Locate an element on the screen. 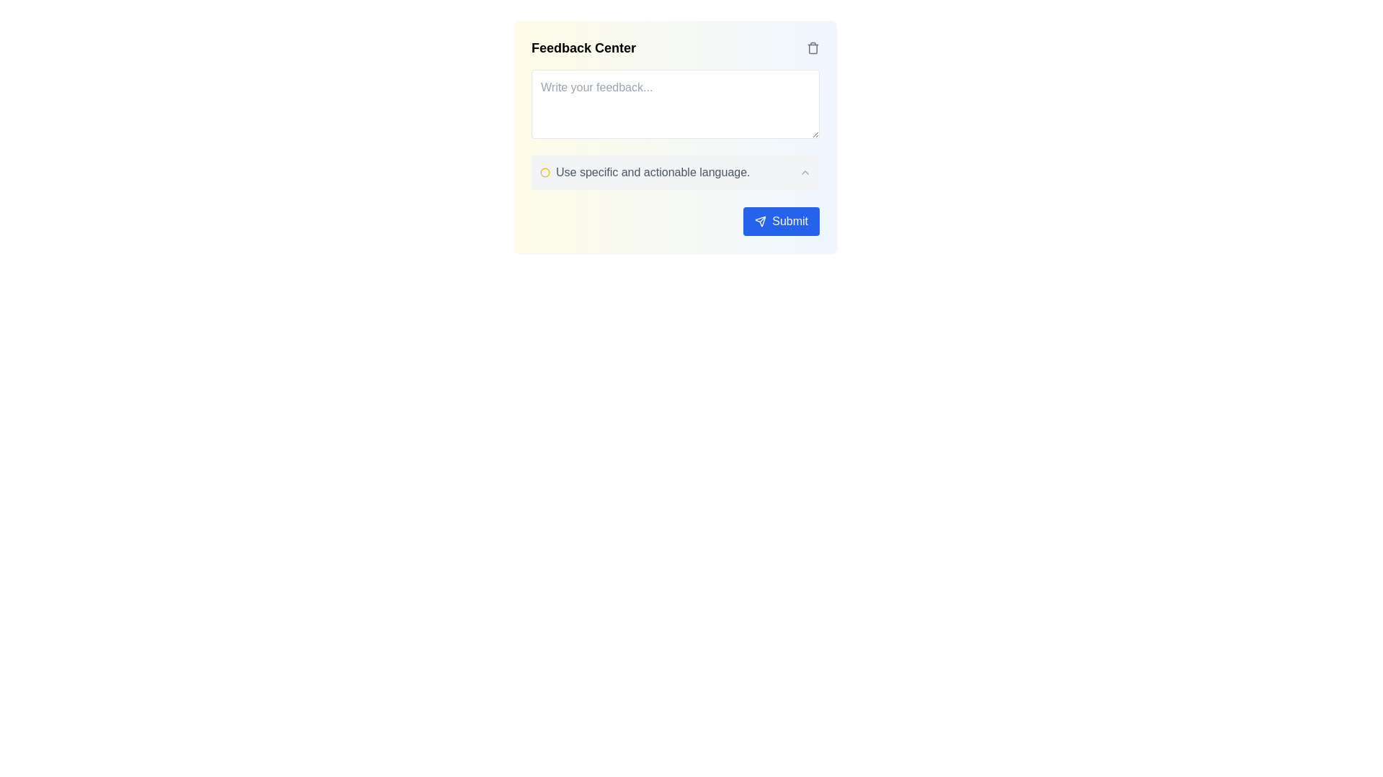 This screenshot has width=1383, height=777. the circular icon with a yellow border that precedes the text 'Use specific and actionable language.' is located at coordinates (545, 171).